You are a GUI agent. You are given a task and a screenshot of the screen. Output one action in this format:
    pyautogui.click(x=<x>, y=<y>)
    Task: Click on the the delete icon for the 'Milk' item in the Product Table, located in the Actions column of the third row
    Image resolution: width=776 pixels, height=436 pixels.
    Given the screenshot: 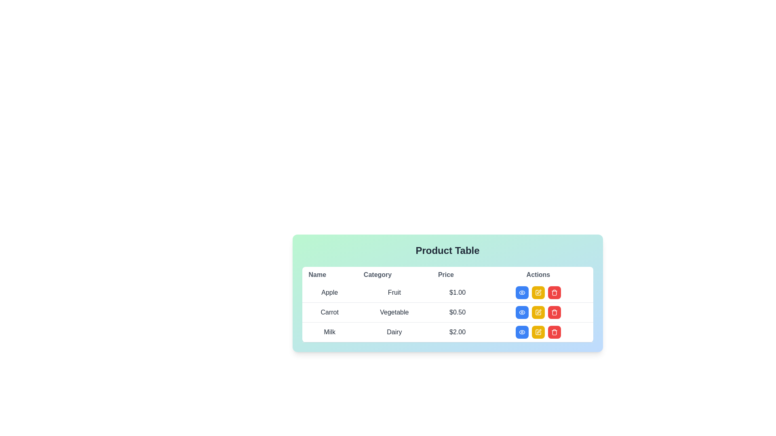 What is the action you would take?
    pyautogui.click(x=554, y=332)
    